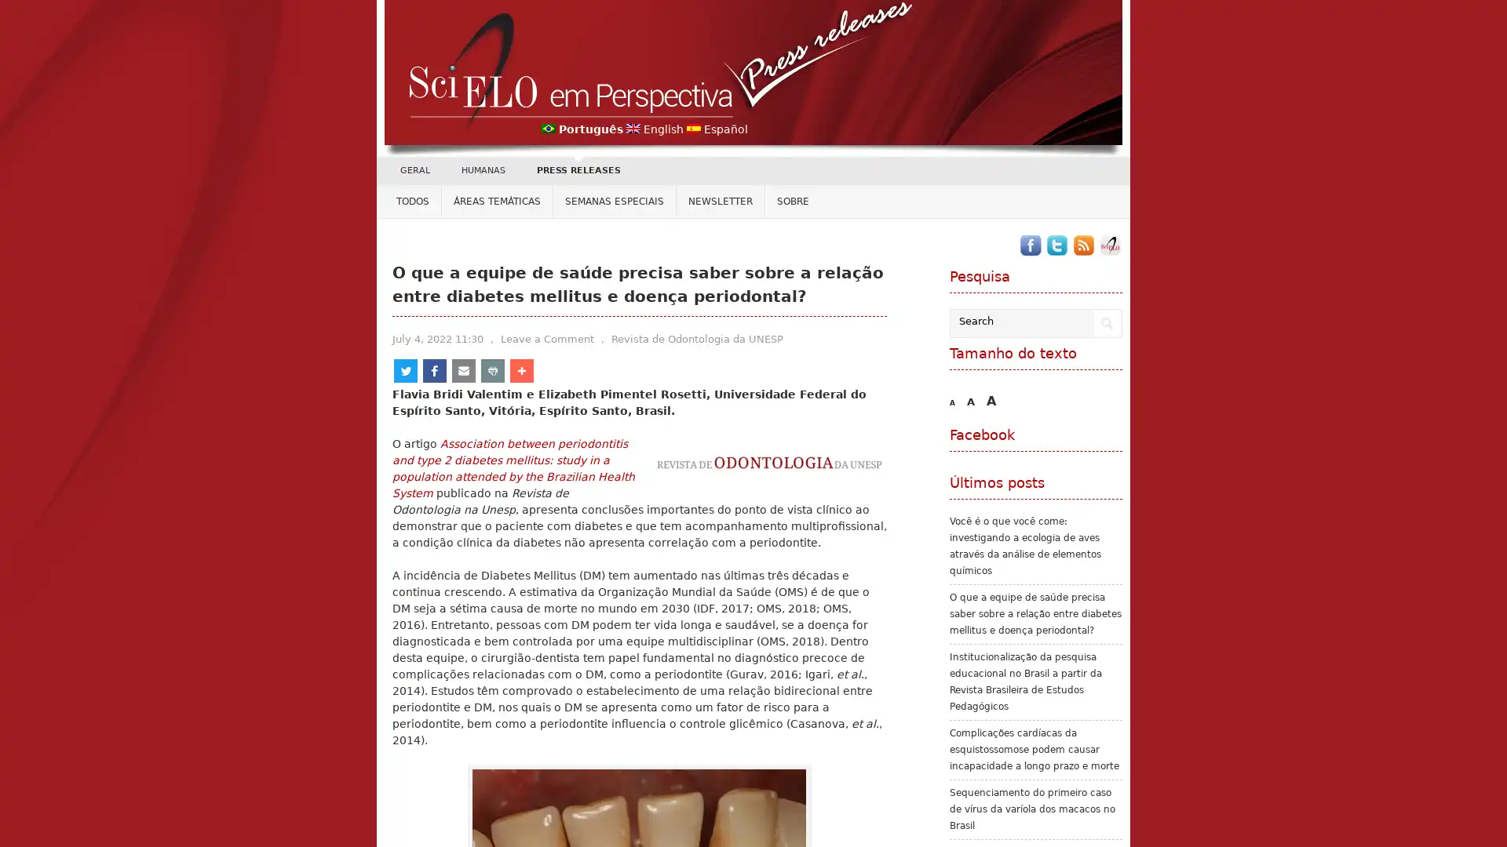  I want to click on Share to Email Email, so click(579, 371).